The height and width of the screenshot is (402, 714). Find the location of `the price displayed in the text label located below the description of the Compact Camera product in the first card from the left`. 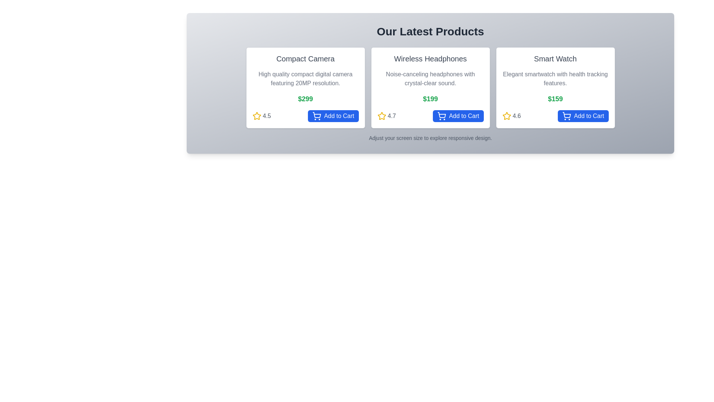

the price displayed in the text label located below the description of the Compact Camera product in the first card from the left is located at coordinates (305, 99).